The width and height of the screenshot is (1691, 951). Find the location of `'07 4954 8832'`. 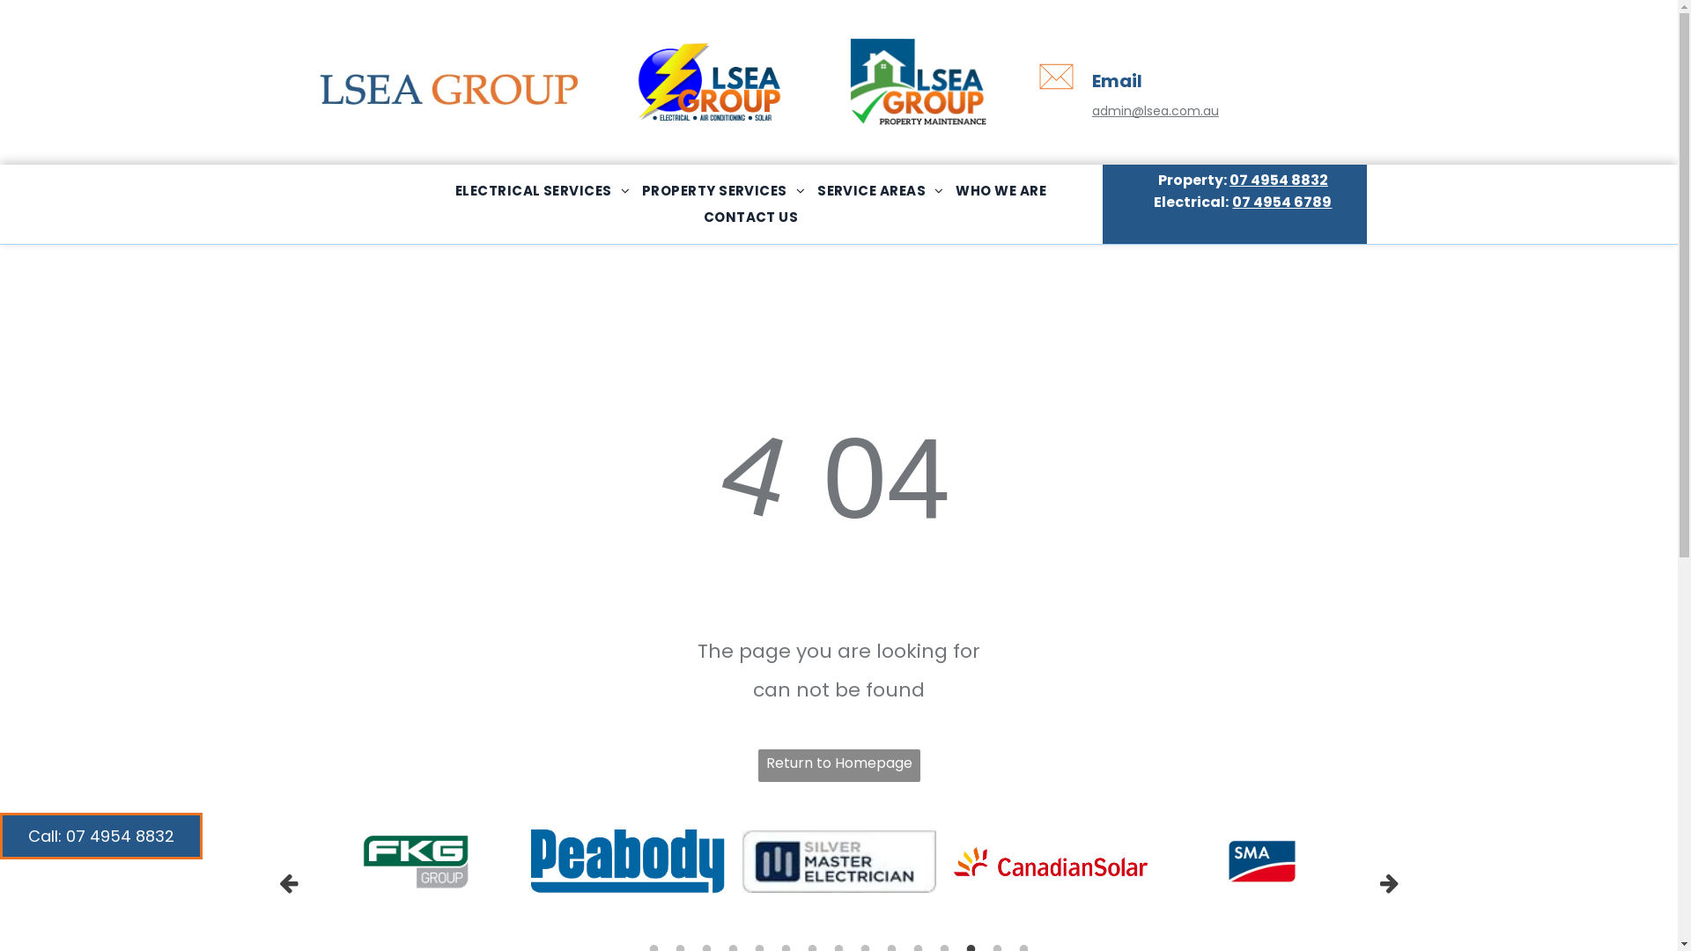

'07 4954 8832' is located at coordinates (1278, 180).